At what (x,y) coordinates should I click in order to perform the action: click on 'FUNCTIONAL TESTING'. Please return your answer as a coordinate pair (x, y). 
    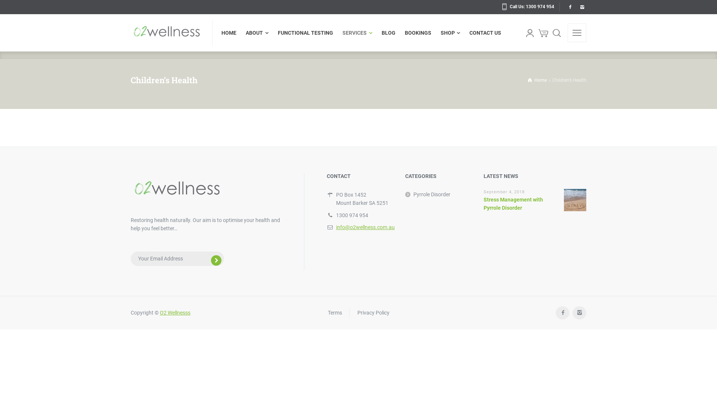
    Looking at the image, I should click on (273, 32).